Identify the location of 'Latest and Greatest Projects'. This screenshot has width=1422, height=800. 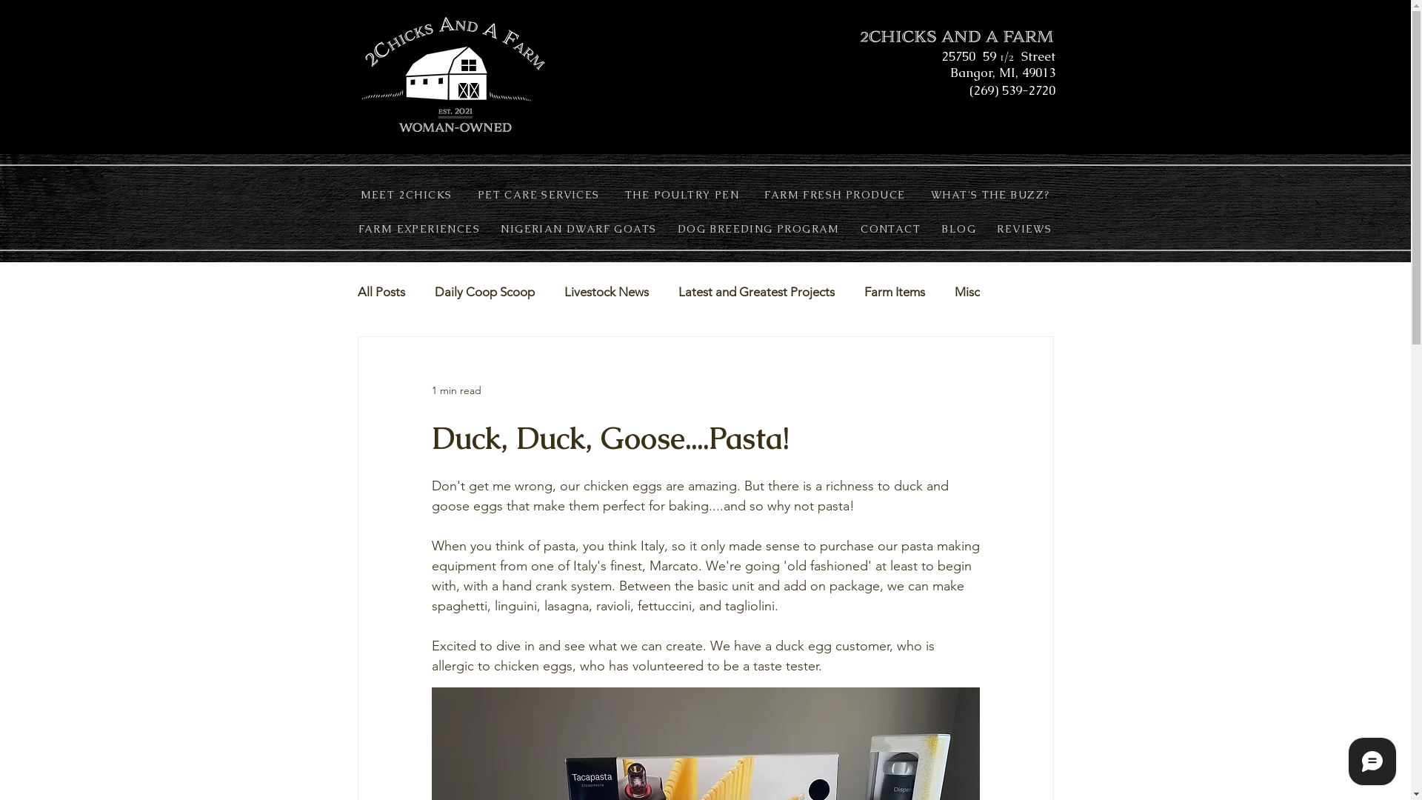
(756, 291).